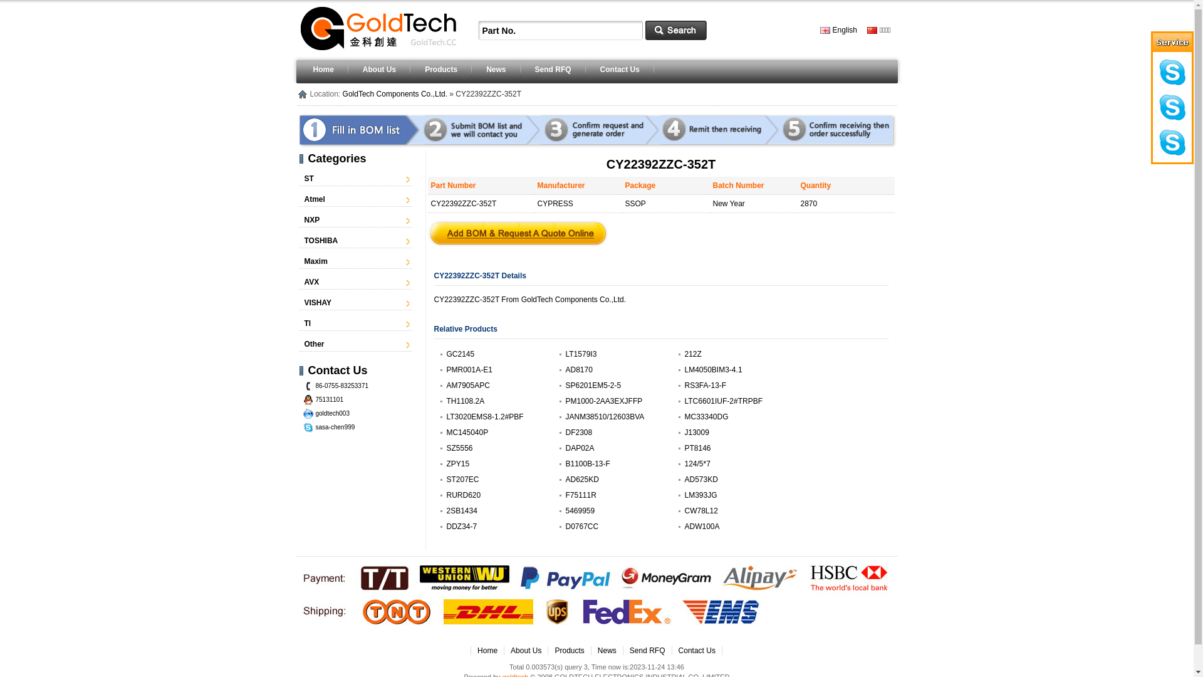 This screenshot has width=1203, height=677. Describe the element at coordinates (586, 464) in the screenshot. I see `'B1100B-13-F'` at that location.